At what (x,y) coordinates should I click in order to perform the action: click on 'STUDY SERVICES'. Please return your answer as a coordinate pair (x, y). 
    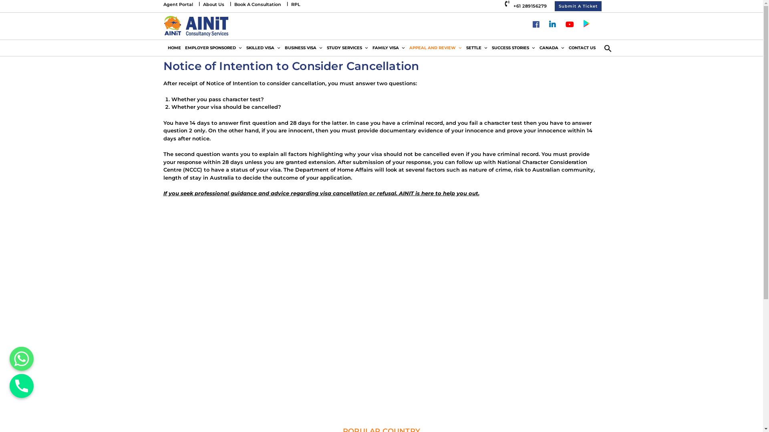
    Looking at the image, I should click on (347, 48).